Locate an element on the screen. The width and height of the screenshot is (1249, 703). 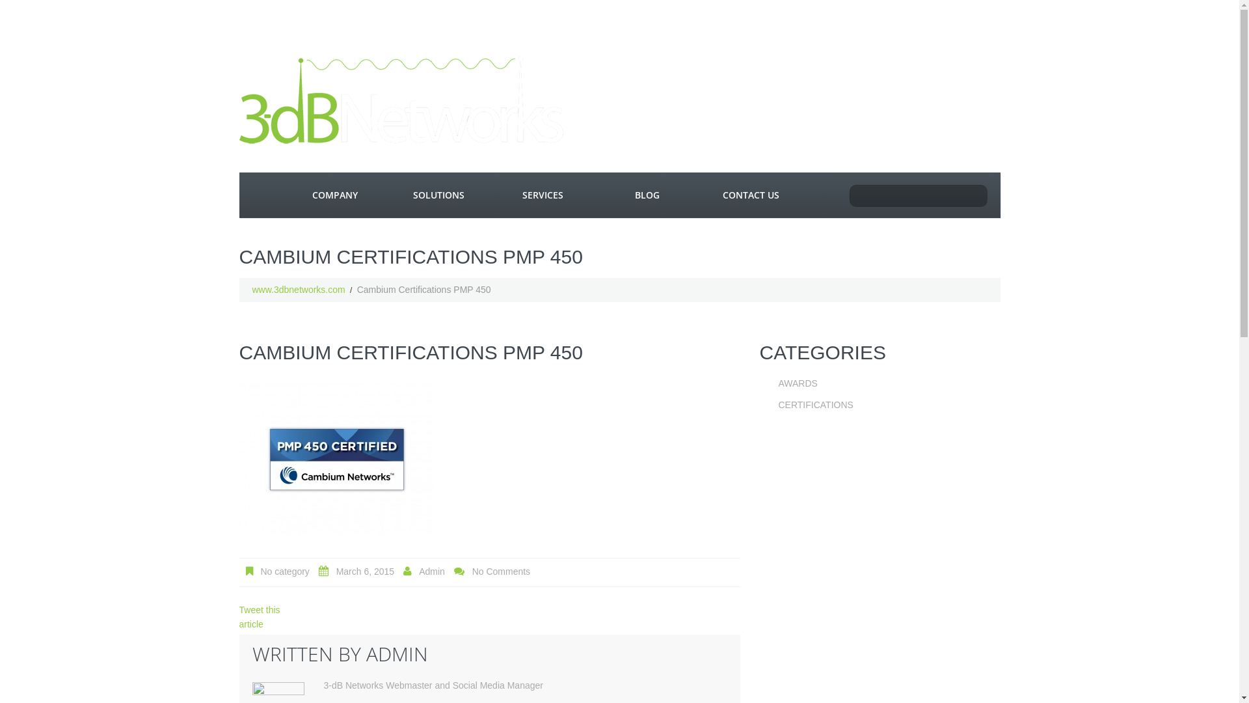
'COMPANY' is located at coordinates (334, 195).